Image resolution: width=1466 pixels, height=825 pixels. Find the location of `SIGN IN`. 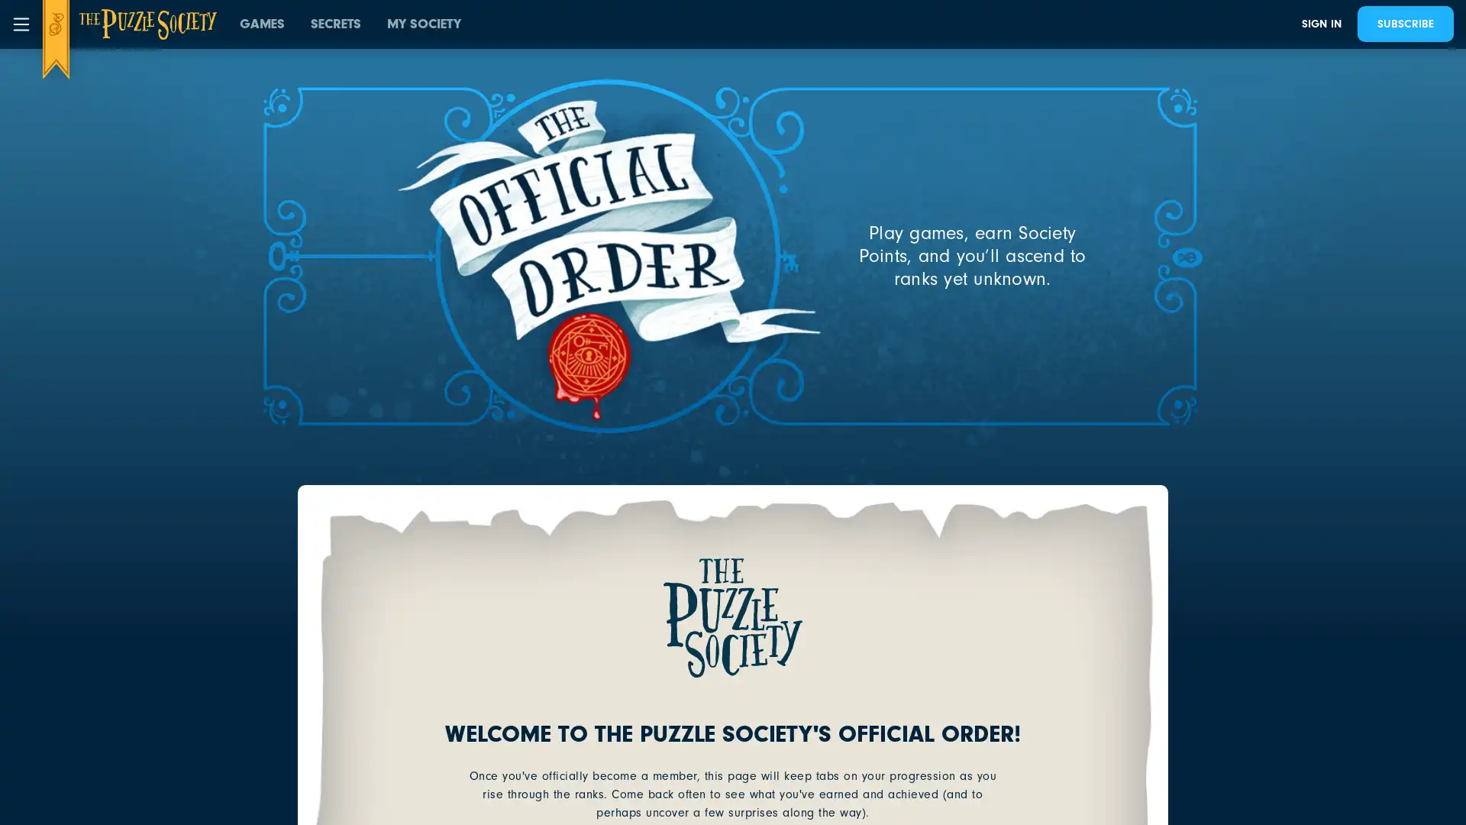

SIGN IN is located at coordinates (1321, 24).